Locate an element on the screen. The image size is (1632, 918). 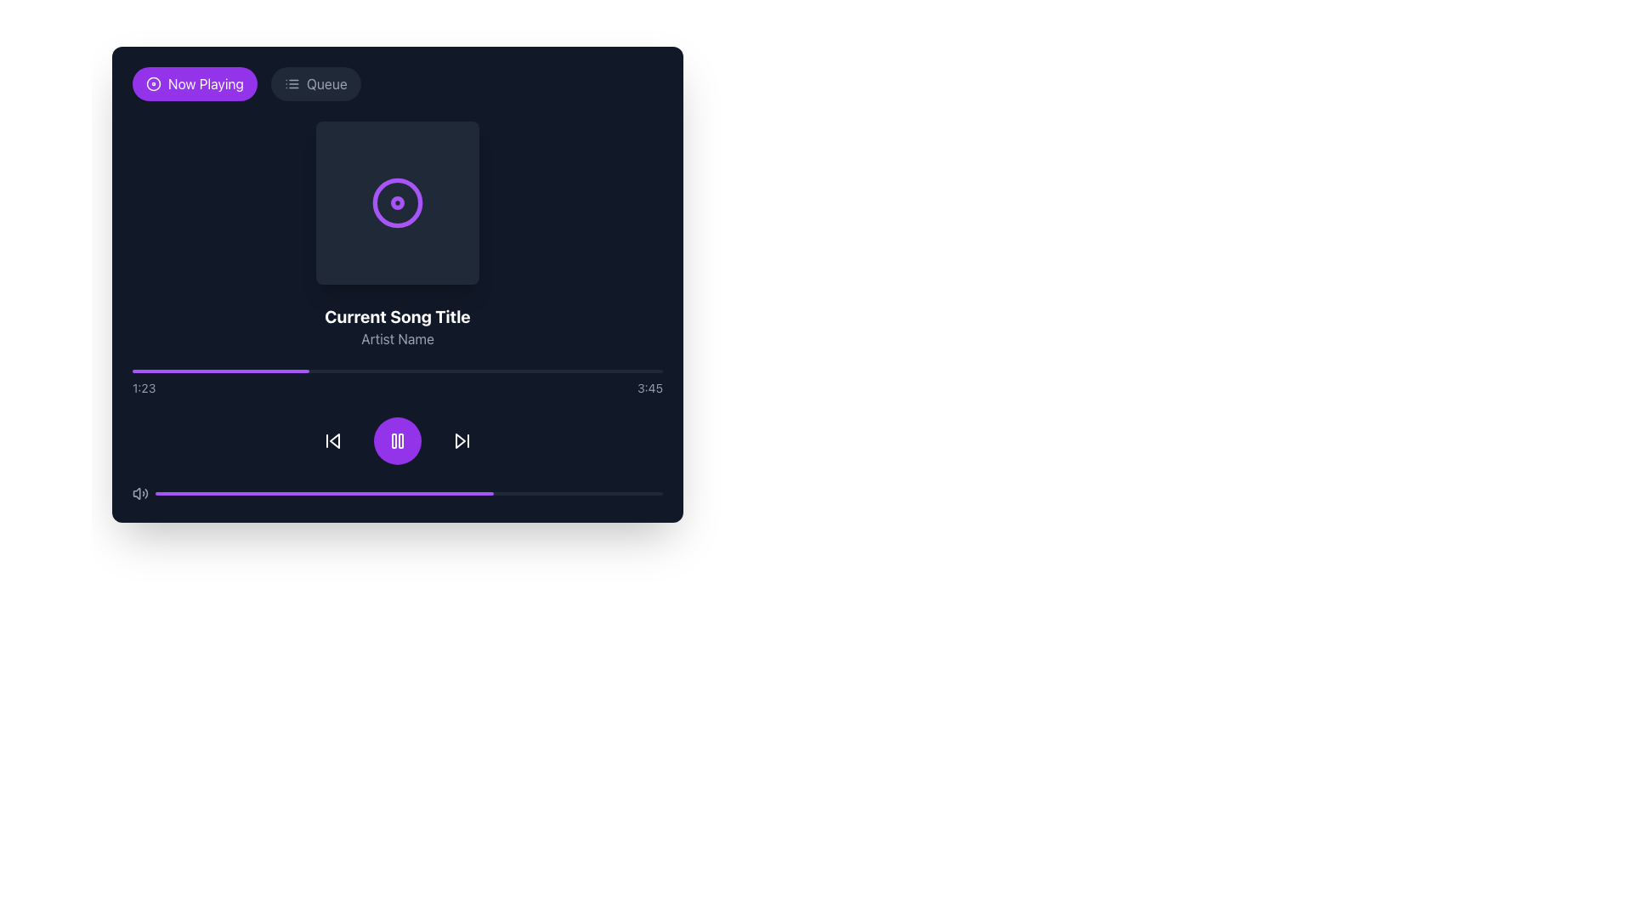
the 'Artist Name' text label, which is a light gray colored text element positioned centrally below the 'Current Song Title' is located at coordinates (396, 338).